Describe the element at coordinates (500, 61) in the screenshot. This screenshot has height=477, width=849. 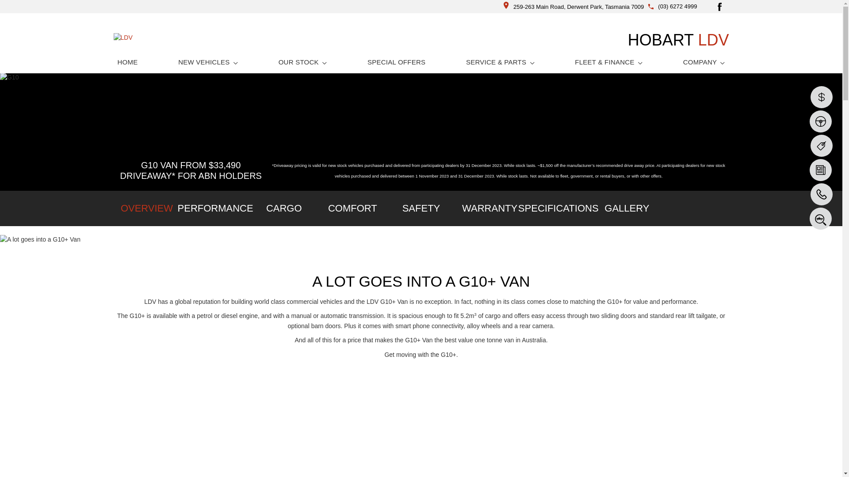
I see `'SERVICE & PARTS'` at that location.